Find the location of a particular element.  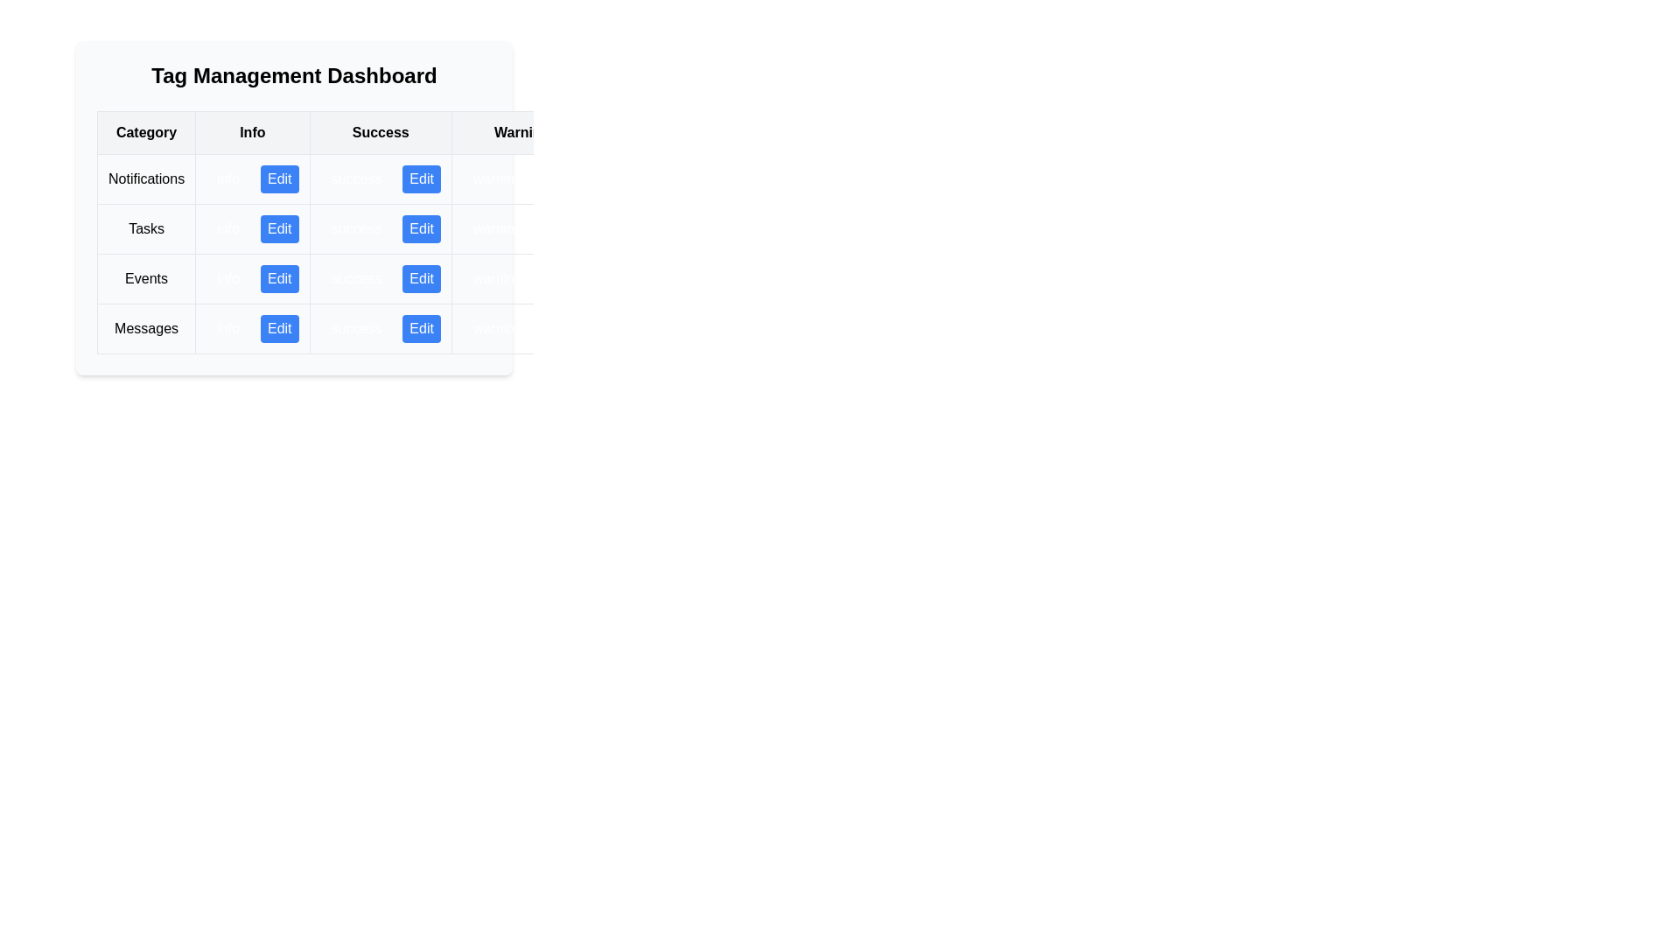

the 'Edit' button in the 'Success' category of the 'Events' section in the 'Tag Management Dashboard' is located at coordinates (404, 278).